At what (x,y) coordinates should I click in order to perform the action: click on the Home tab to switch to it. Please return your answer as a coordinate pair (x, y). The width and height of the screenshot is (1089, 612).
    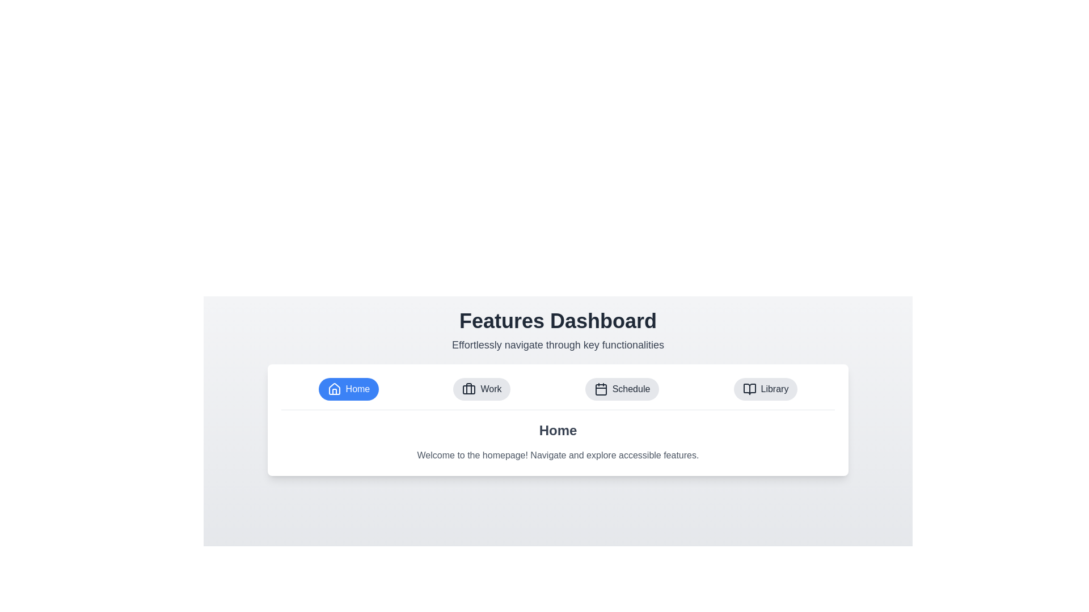
    Looking at the image, I should click on (348, 388).